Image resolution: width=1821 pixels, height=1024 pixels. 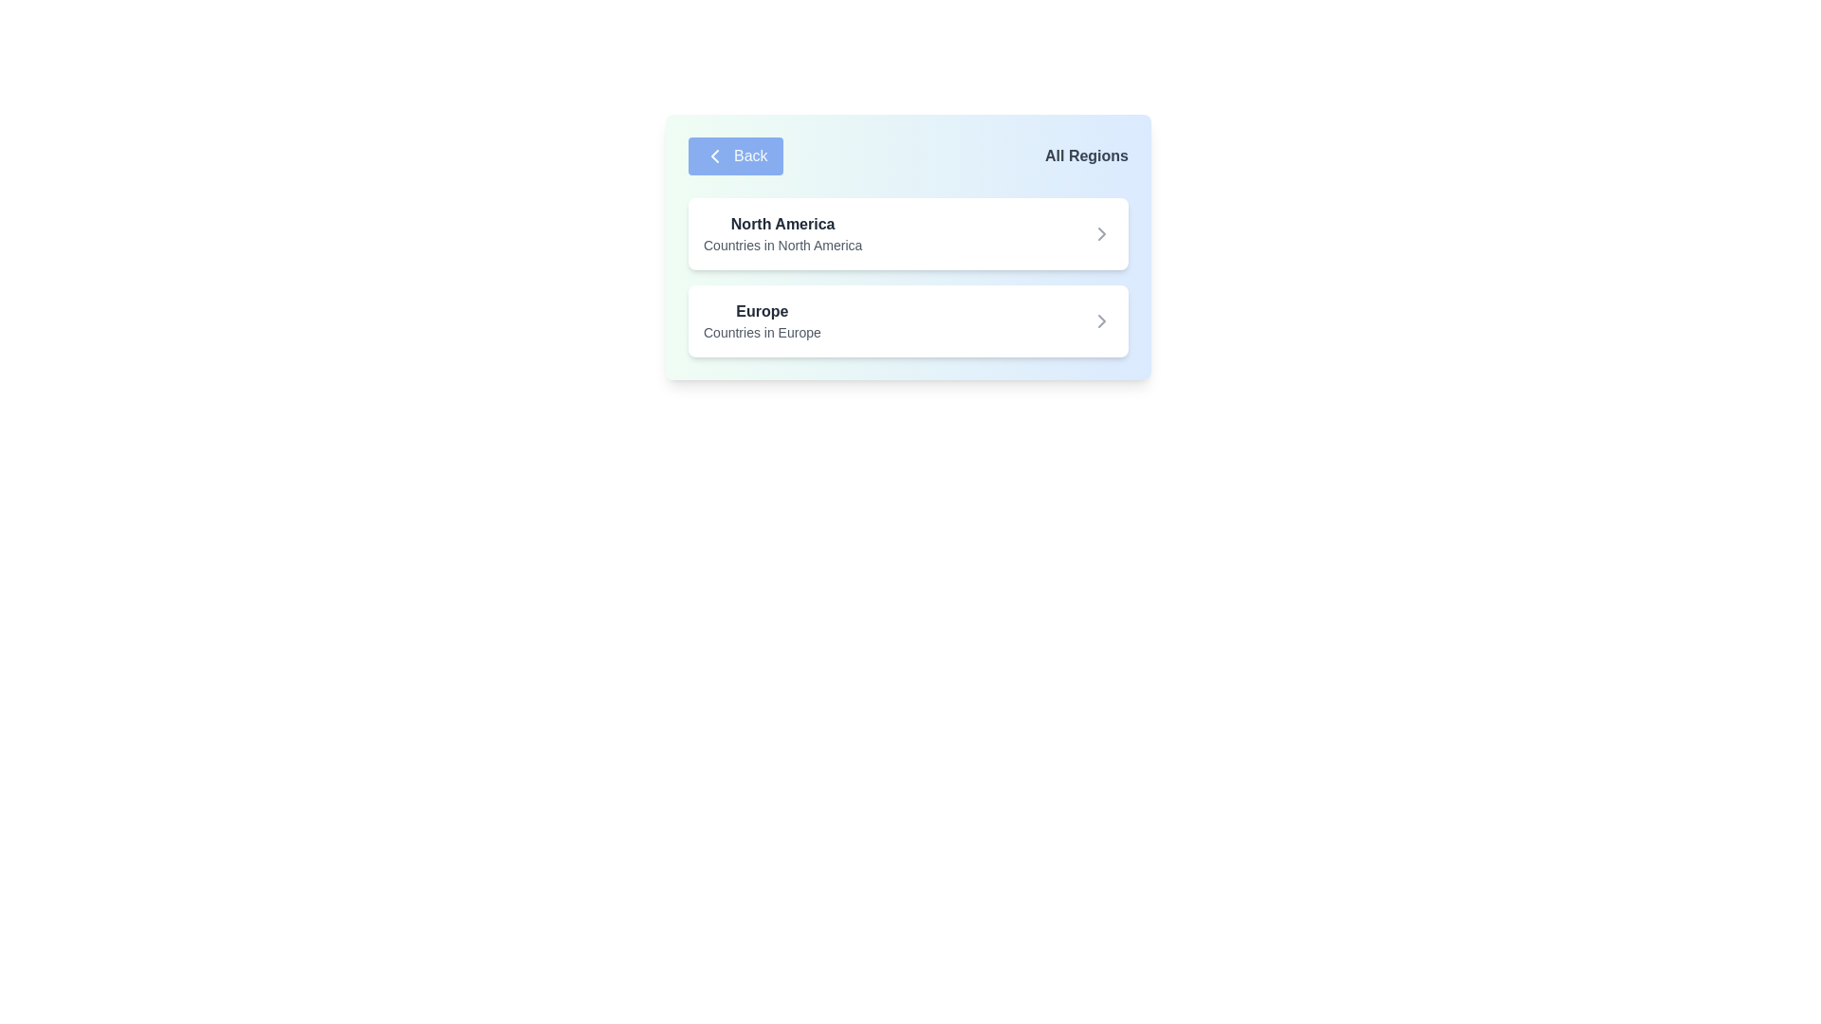 What do you see at coordinates (1101, 232) in the screenshot?
I see `the right-pointing chevron icon styled in gray, located to the right of the text 'North America' for potential tooltip information` at bounding box center [1101, 232].